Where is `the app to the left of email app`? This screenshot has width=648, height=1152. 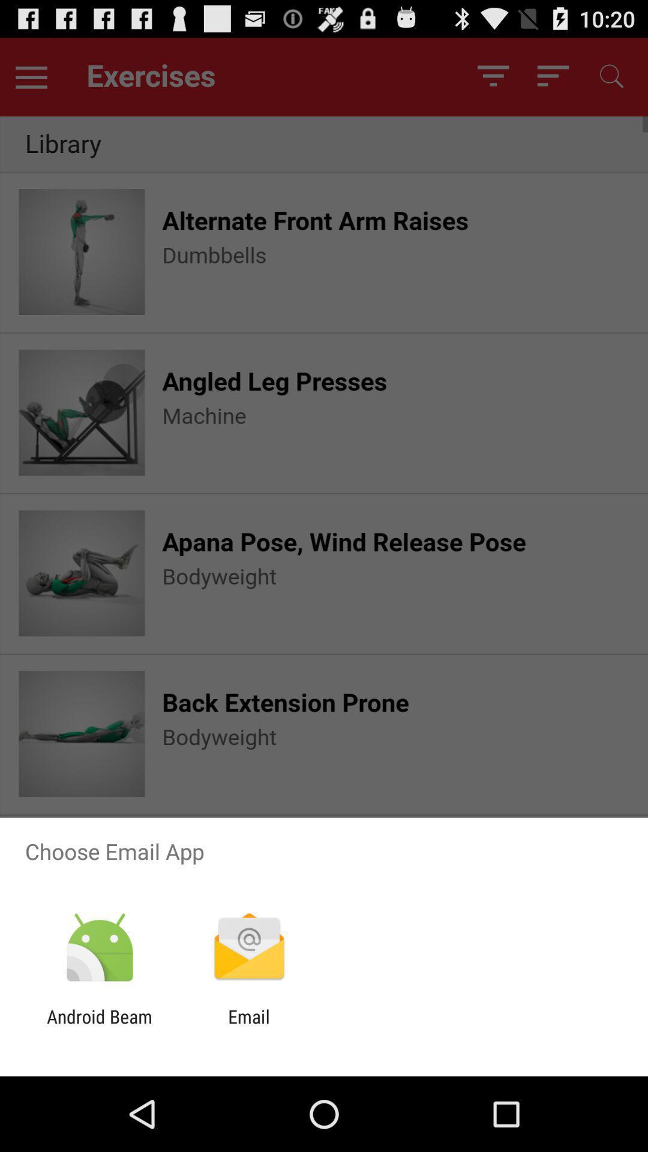
the app to the left of email app is located at coordinates (99, 1027).